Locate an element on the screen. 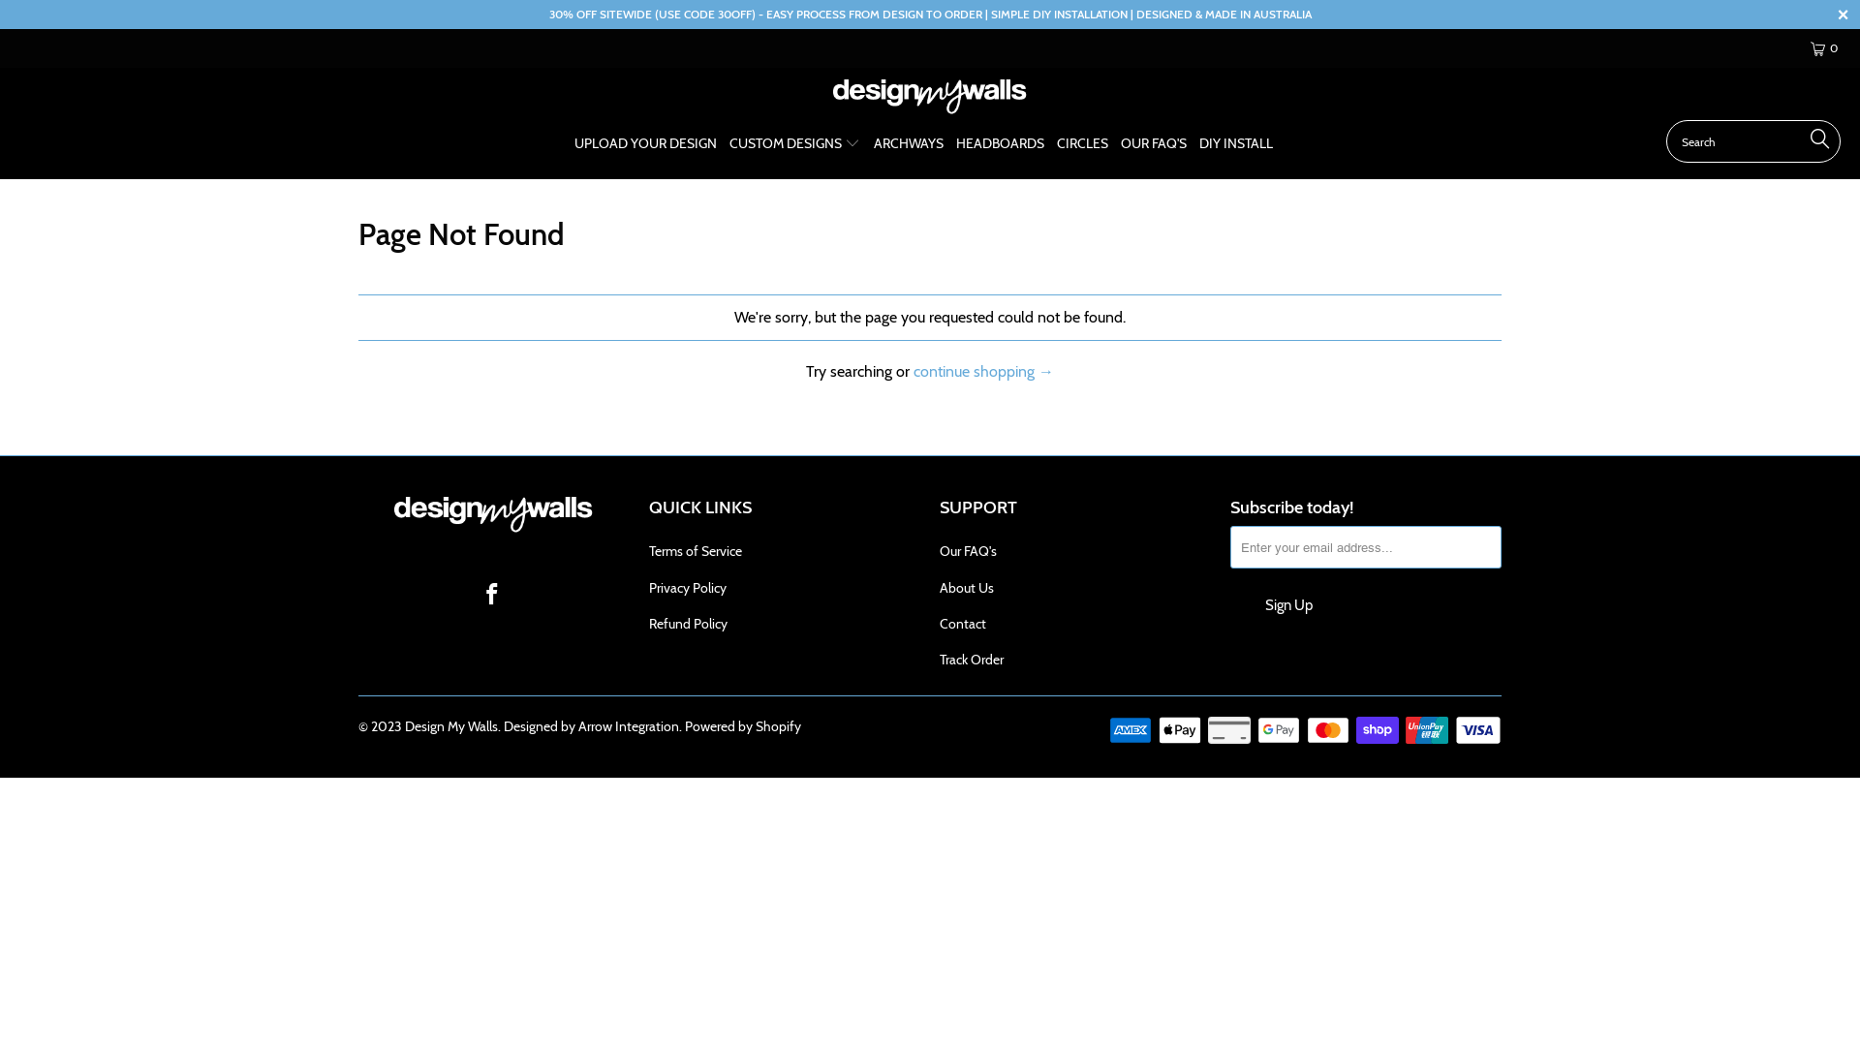 This screenshot has height=1046, width=1860. 'About Us' is located at coordinates (939, 586).